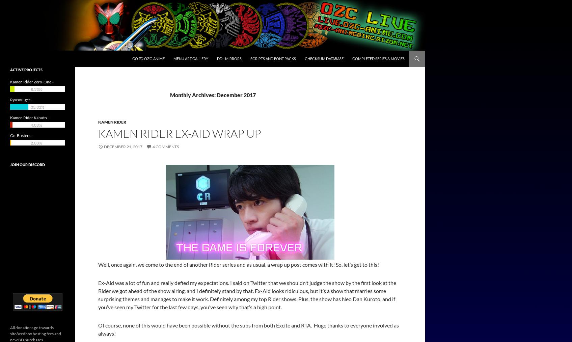  What do you see at coordinates (352, 58) in the screenshot?
I see `'Completed Series & Movies'` at bounding box center [352, 58].